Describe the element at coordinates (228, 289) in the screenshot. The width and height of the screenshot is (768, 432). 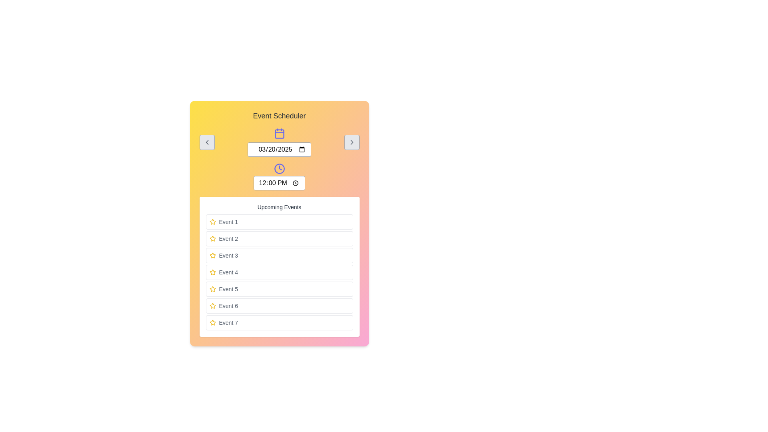
I see `the text label displaying 'Event 5' in gray font, which is adjacent to a star icon, located under 'Upcoming Events.'` at that location.